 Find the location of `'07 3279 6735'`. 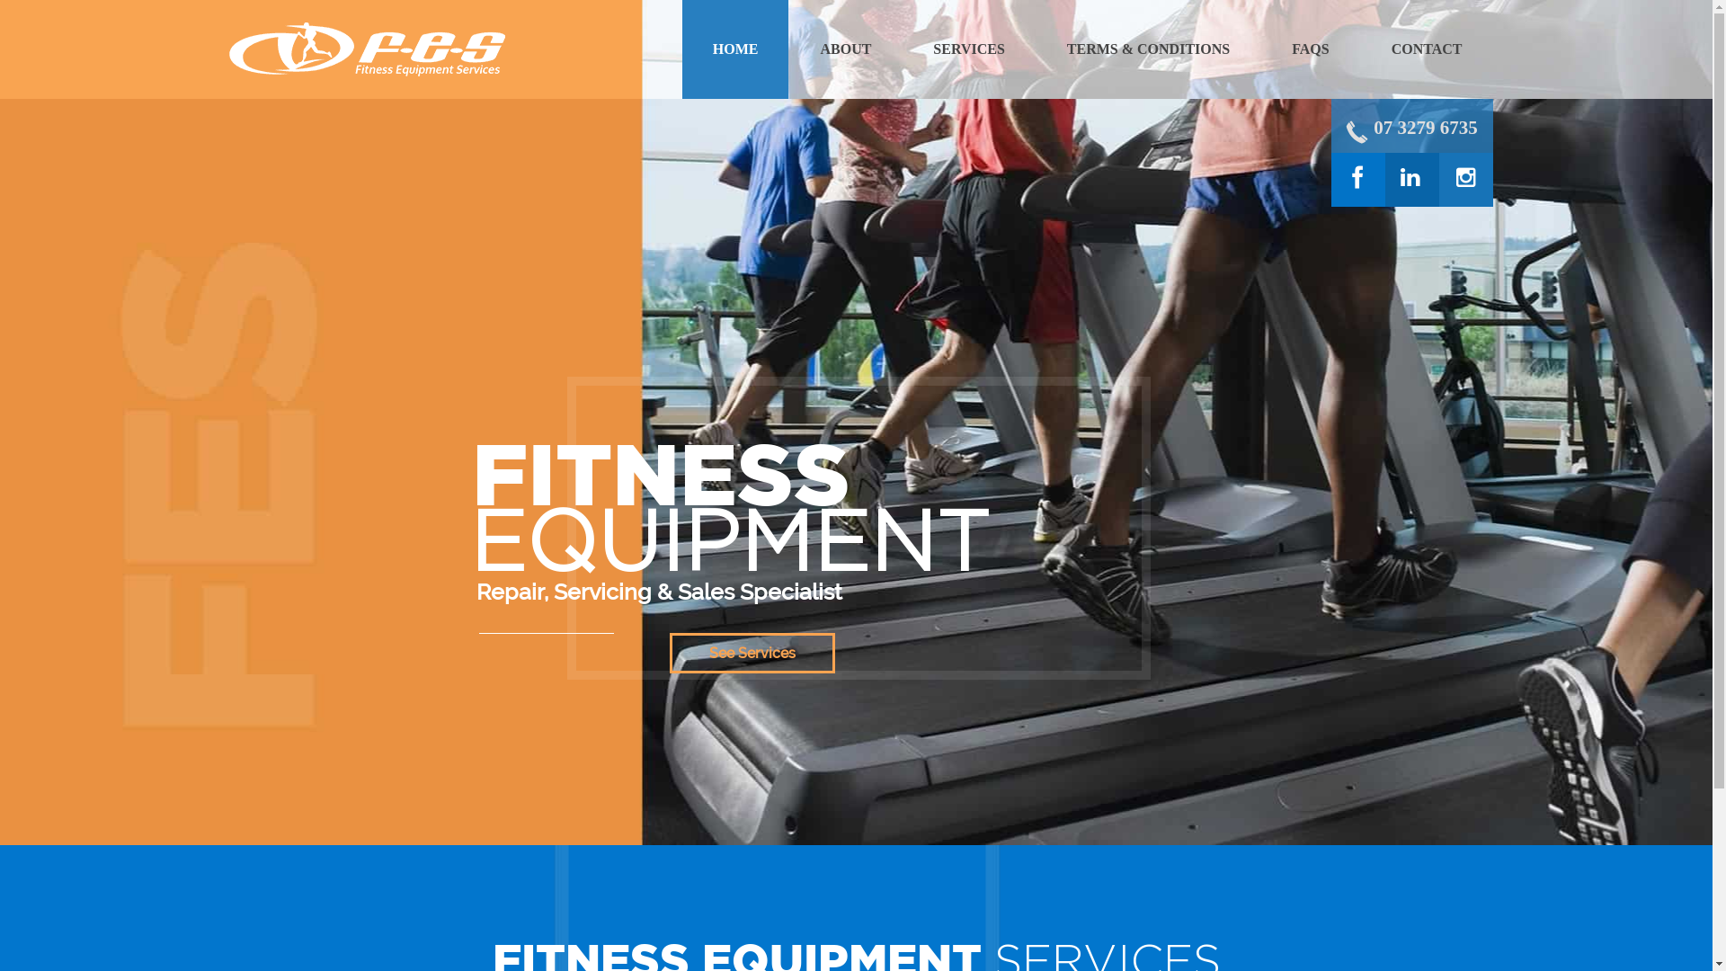

'07 3279 6735' is located at coordinates (1424, 127).